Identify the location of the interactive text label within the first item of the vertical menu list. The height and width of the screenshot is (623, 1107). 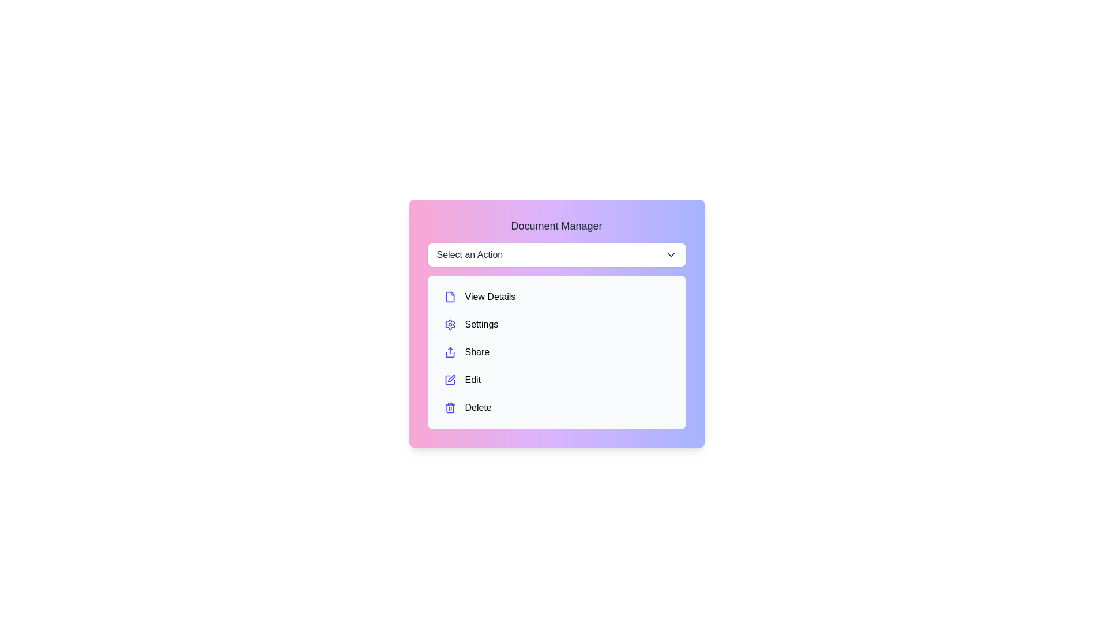
(490, 297).